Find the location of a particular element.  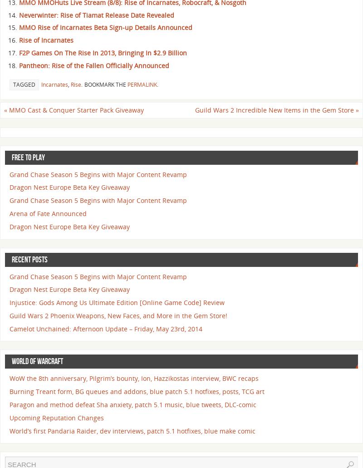

'F2P Games On The Rise In 2013, Bringing In $2.9 Billion' is located at coordinates (103, 52).